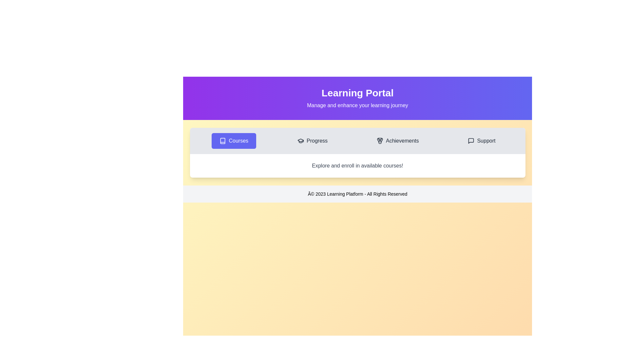  What do you see at coordinates (397, 140) in the screenshot?
I see `the 'Achievements' button, which features a medal icon and a light-gray background` at bounding box center [397, 140].